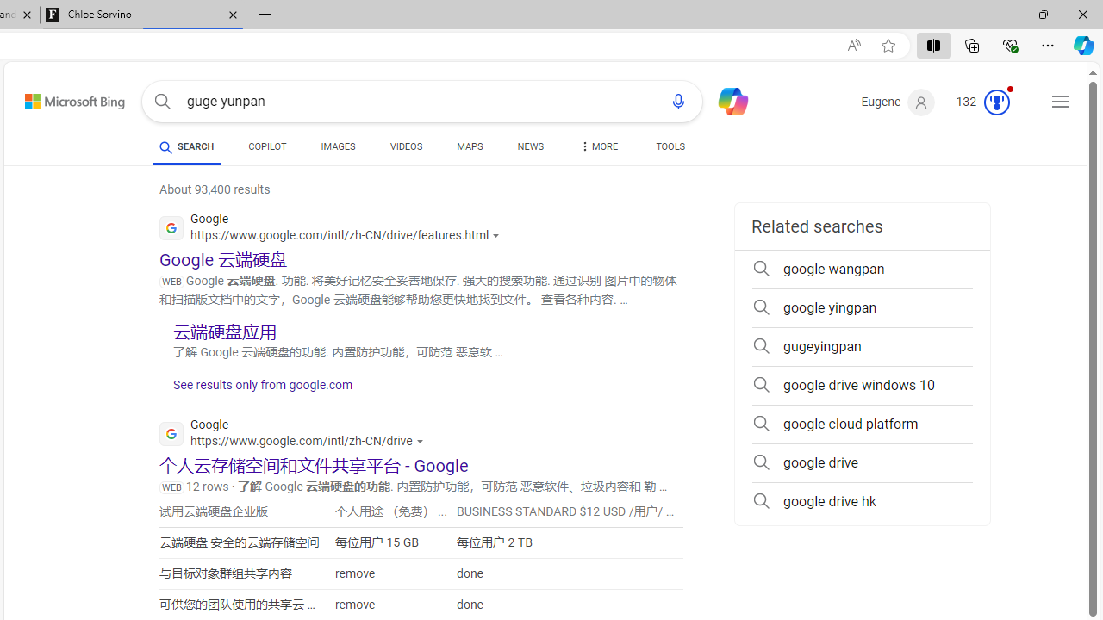 Image resolution: width=1103 pixels, height=620 pixels. What do you see at coordinates (862, 269) in the screenshot?
I see `'google wangpan'` at bounding box center [862, 269].